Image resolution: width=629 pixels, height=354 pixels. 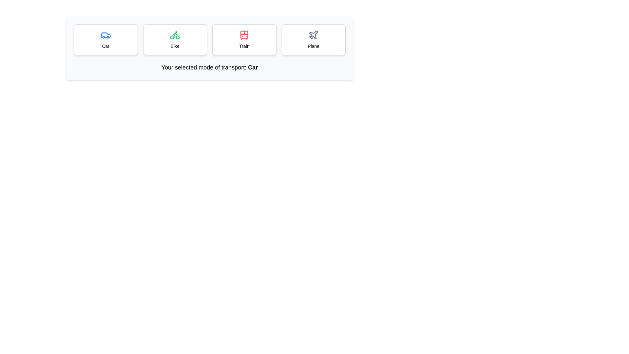 I want to click on the interactive card labeled 'Train' which features a red train icon and is the third card in a row of four, so click(x=244, y=39).